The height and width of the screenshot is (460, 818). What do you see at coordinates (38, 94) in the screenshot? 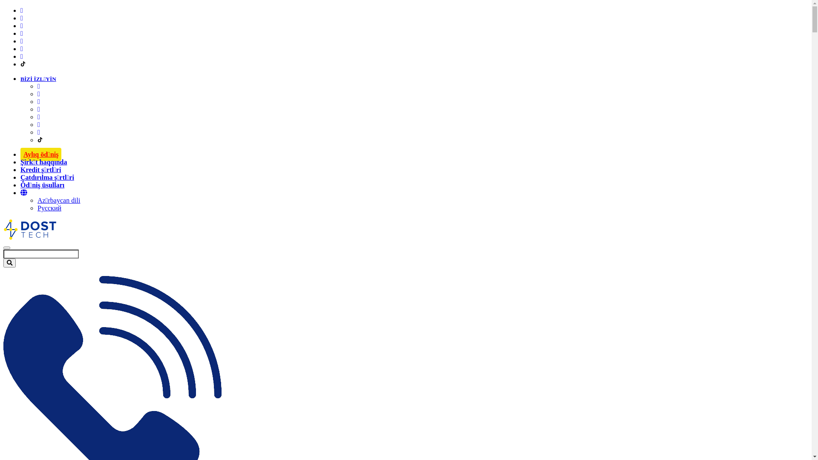
I see `'Instagram'` at bounding box center [38, 94].